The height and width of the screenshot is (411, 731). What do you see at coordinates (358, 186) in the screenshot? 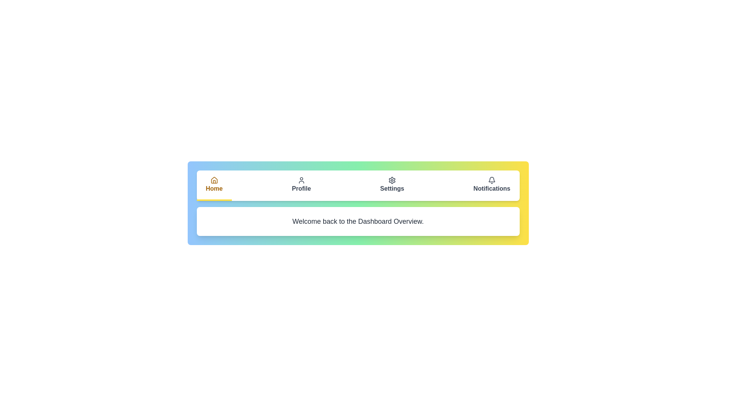
I see `the navigation bar sections` at bounding box center [358, 186].